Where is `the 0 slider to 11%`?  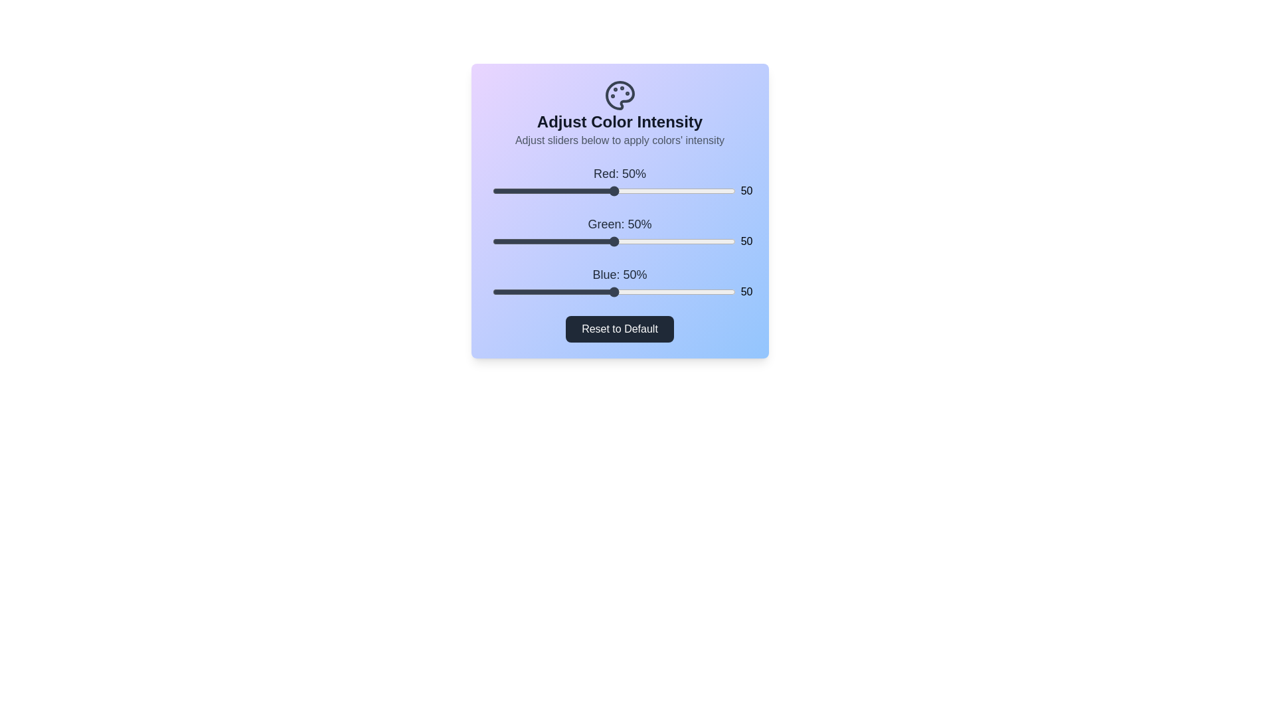
the 0 slider to 11% is located at coordinates (518, 191).